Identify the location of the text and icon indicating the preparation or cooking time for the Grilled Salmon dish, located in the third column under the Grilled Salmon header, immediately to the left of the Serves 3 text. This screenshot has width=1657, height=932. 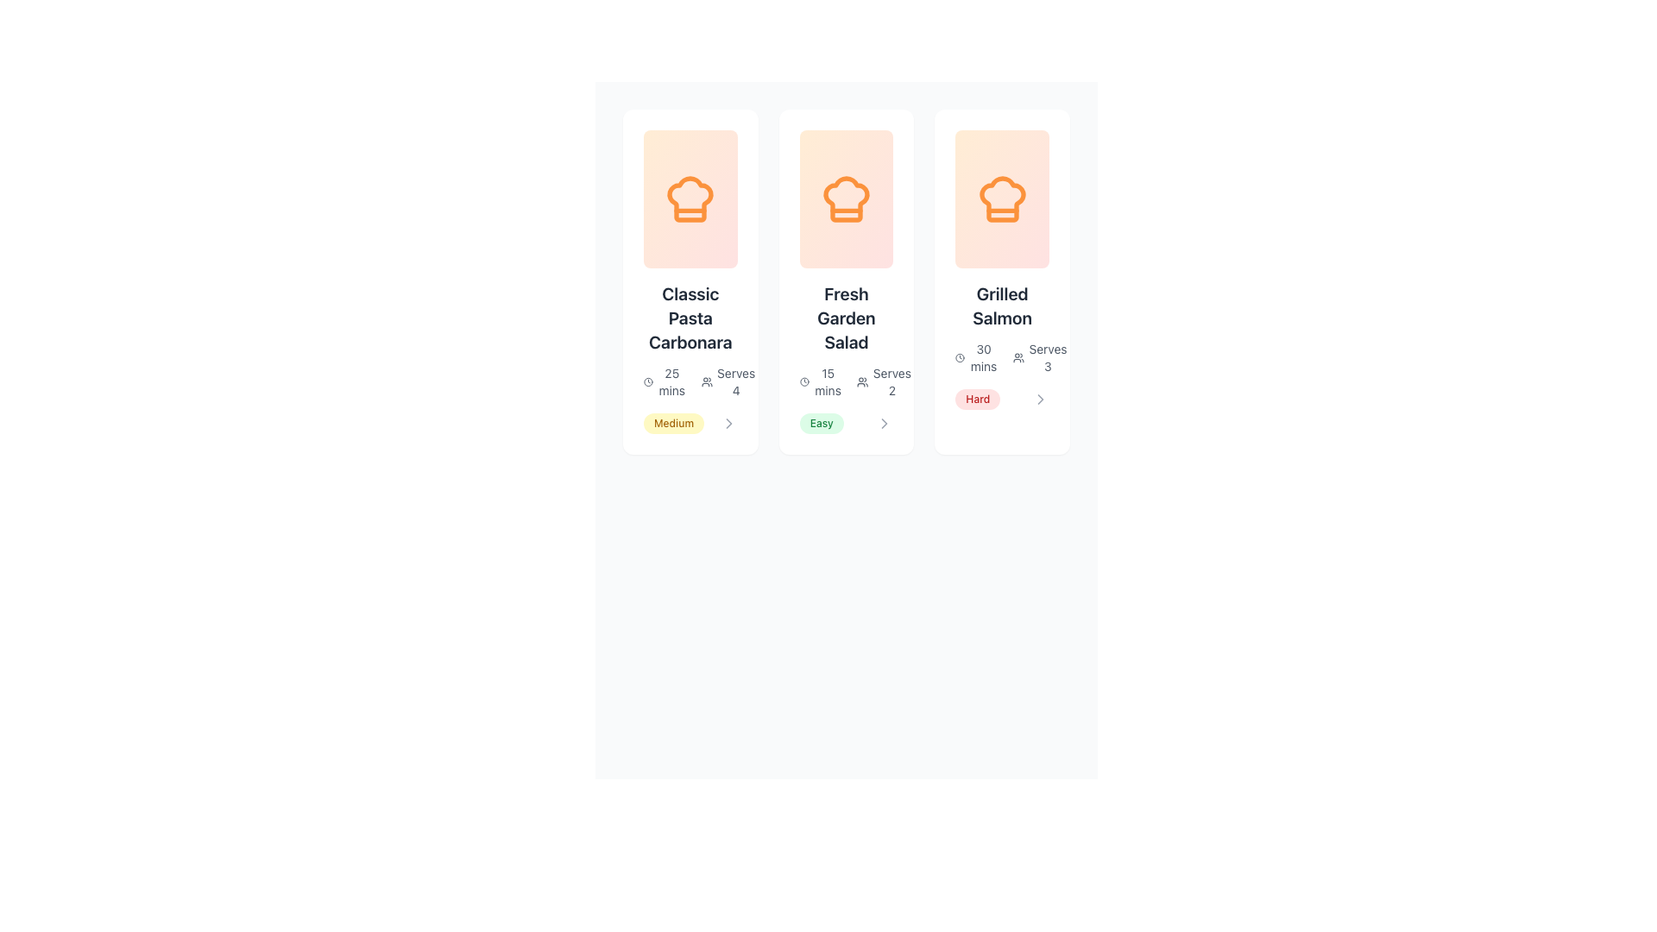
(977, 357).